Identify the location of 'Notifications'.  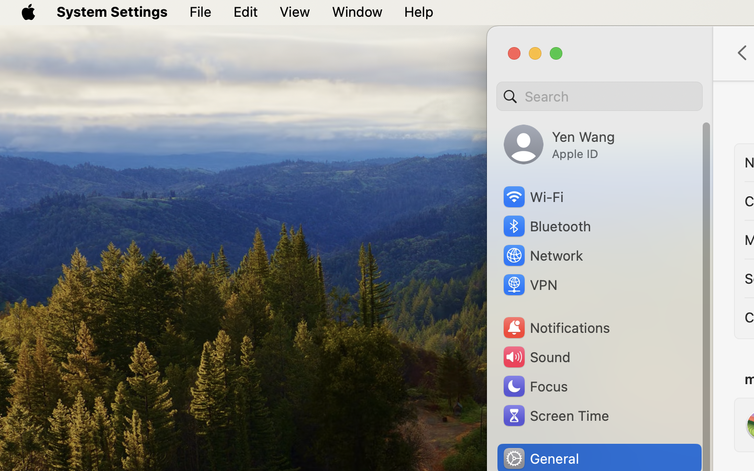
(556, 328).